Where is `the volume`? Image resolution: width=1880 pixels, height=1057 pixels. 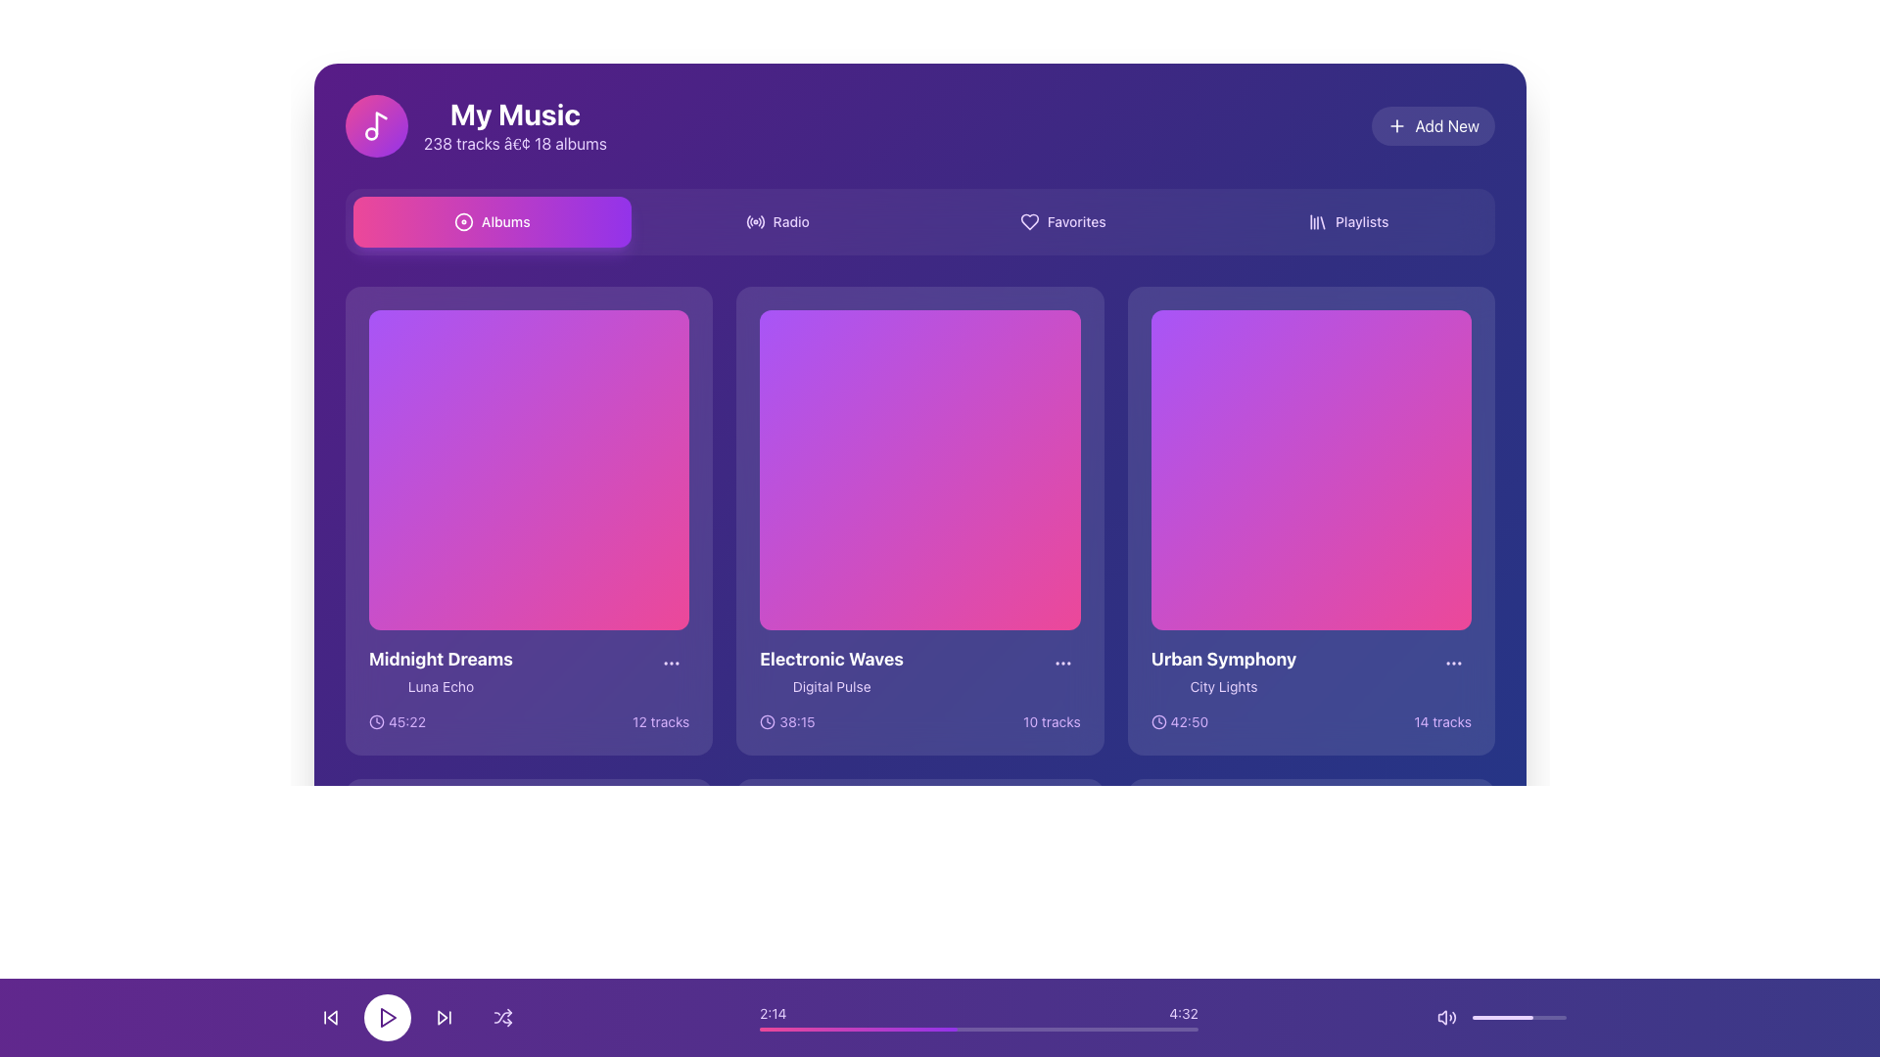 the volume is located at coordinates (1538, 1017).